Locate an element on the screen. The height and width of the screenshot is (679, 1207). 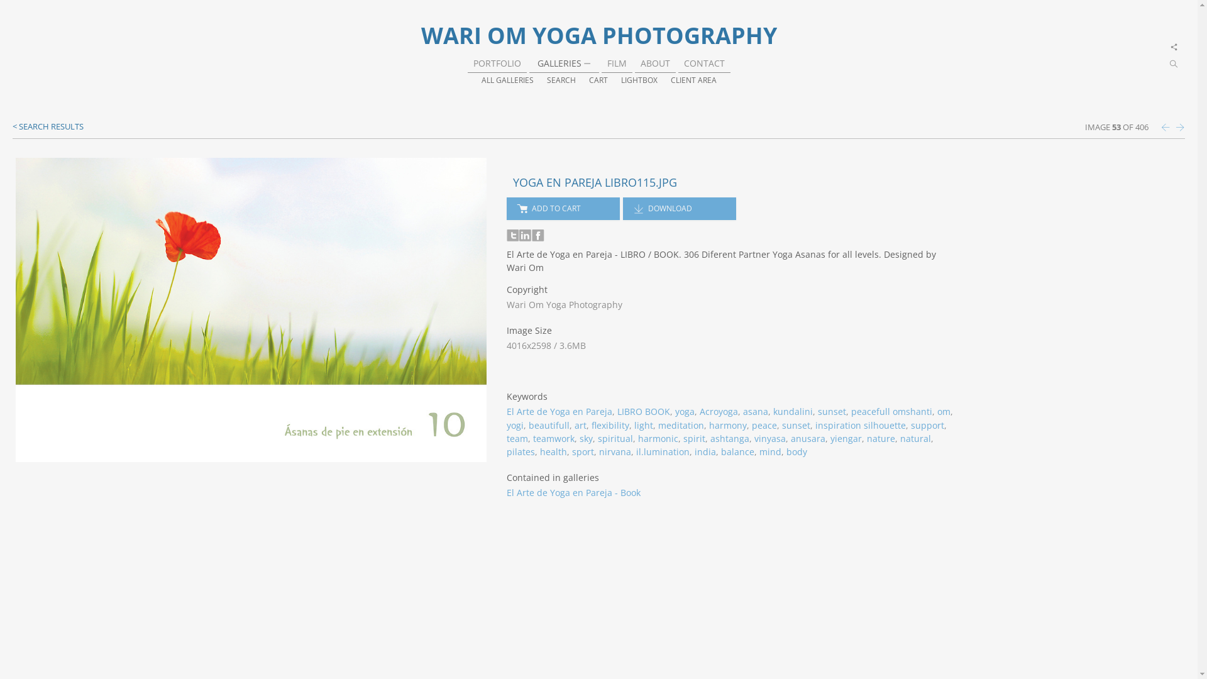
'ADD TO CART' is located at coordinates (563, 207).